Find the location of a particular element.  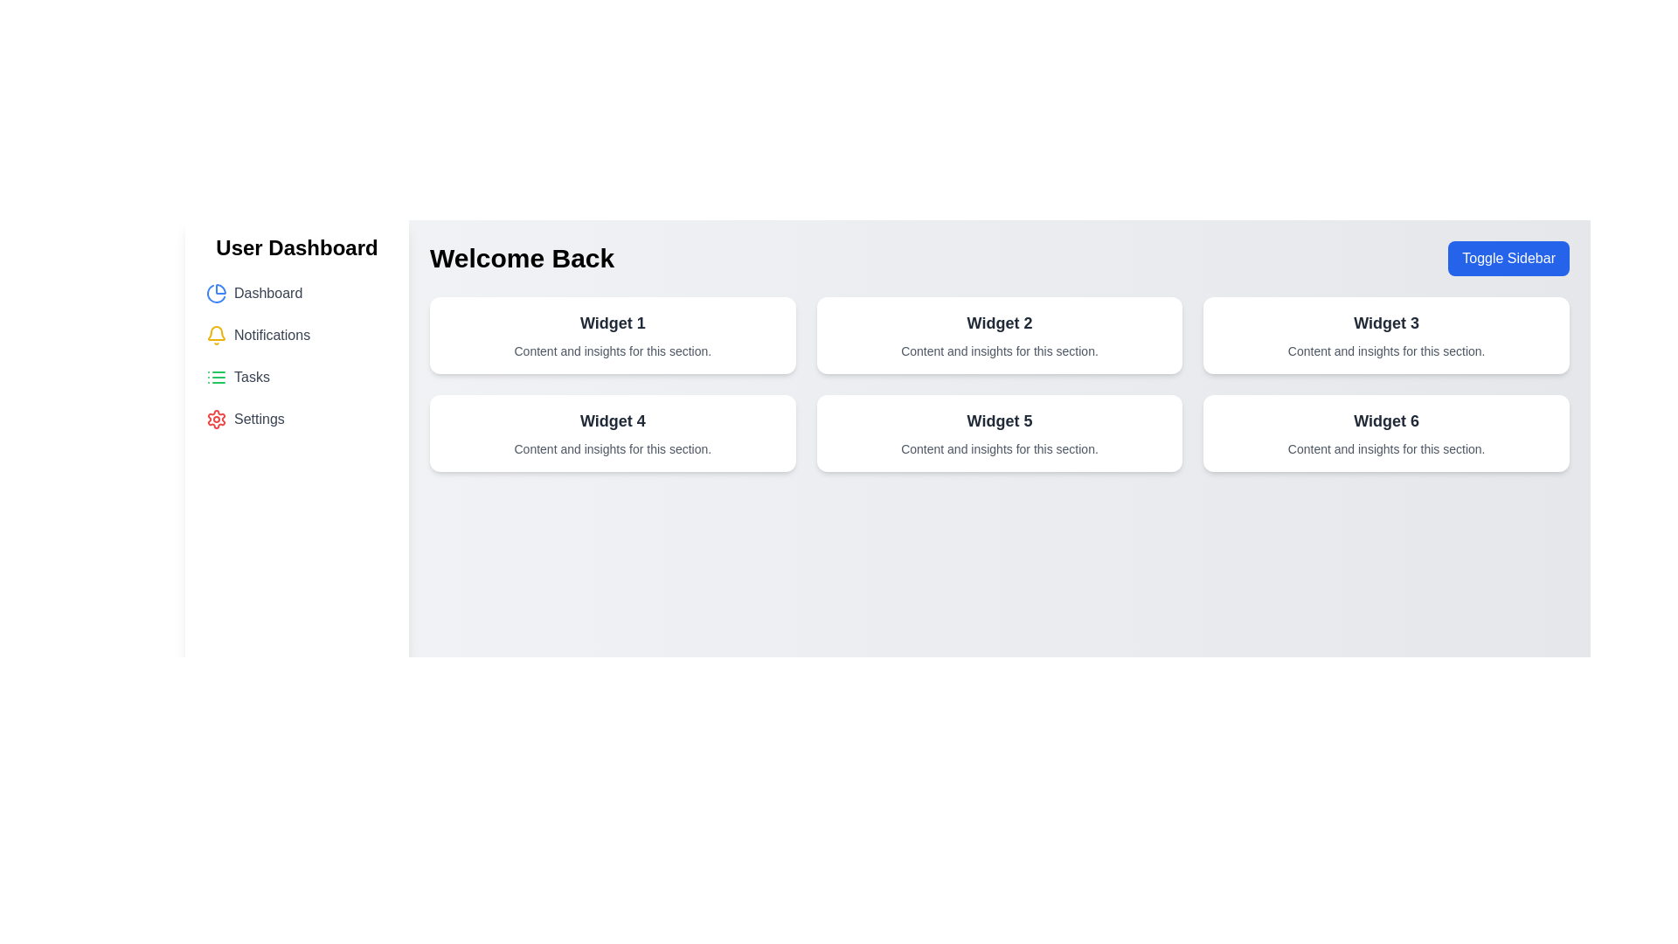

the yellow bell icon located in the left sidebar navigation menu is located at coordinates (216, 336).